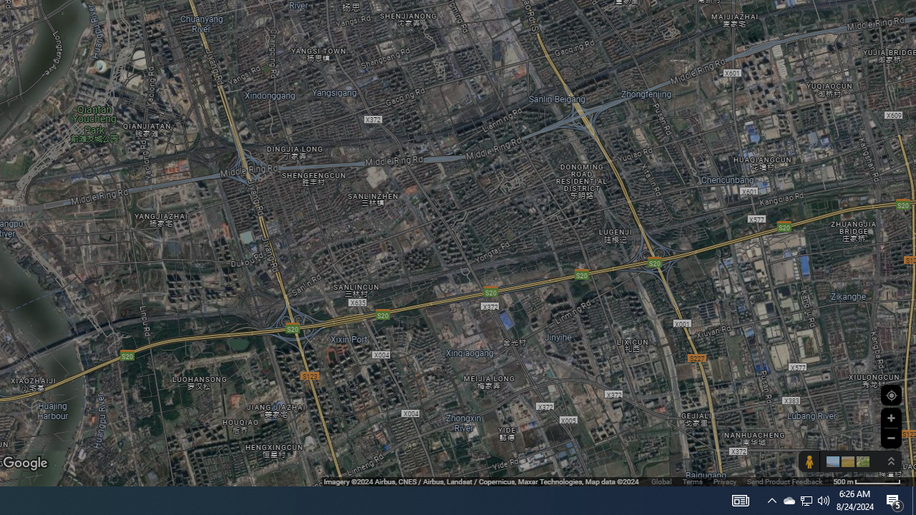  What do you see at coordinates (890, 437) in the screenshot?
I see `'Zoom out'` at bounding box center [890, 437].